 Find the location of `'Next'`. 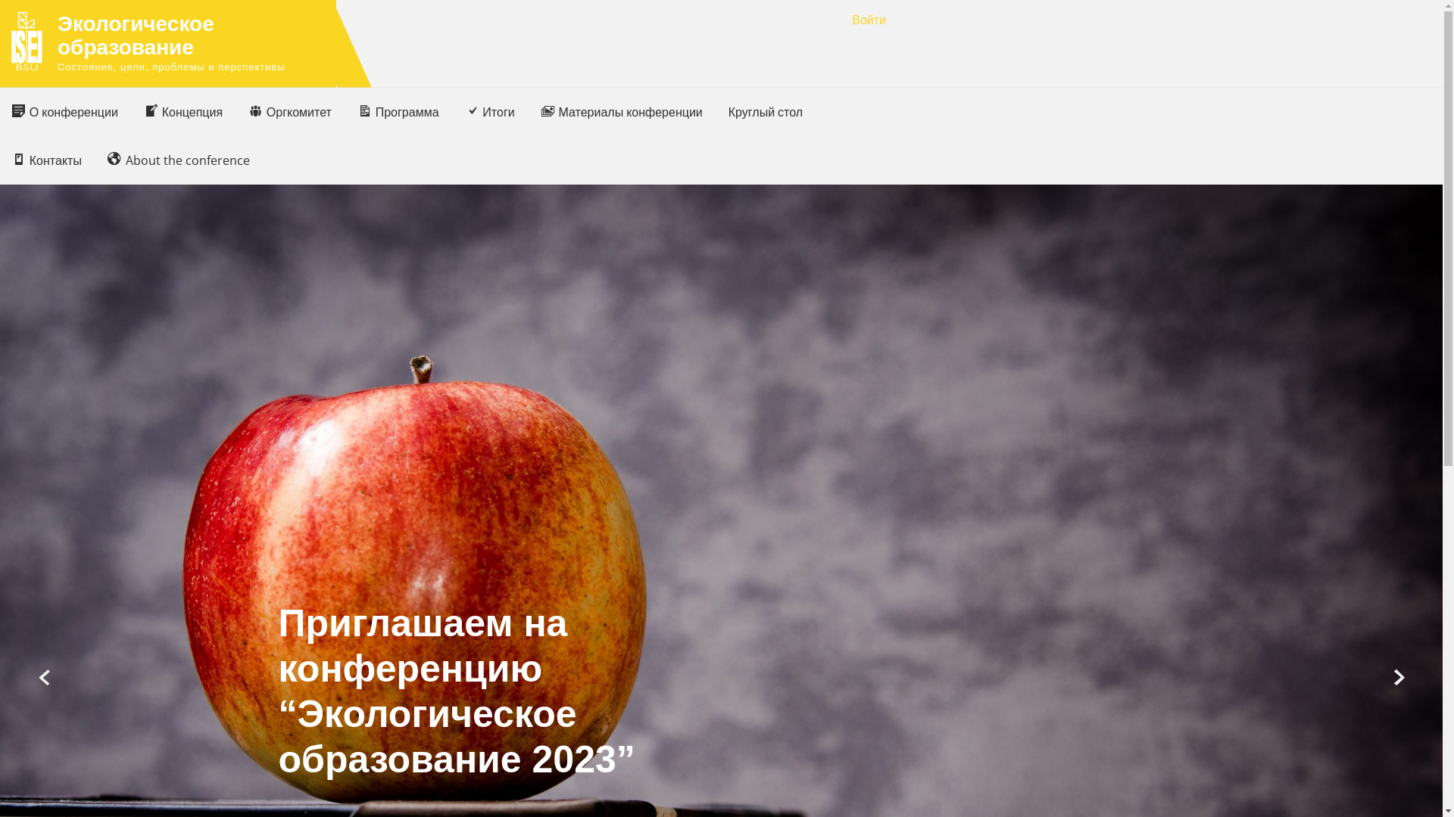

'Next' is located at coordinates (1396, 677).